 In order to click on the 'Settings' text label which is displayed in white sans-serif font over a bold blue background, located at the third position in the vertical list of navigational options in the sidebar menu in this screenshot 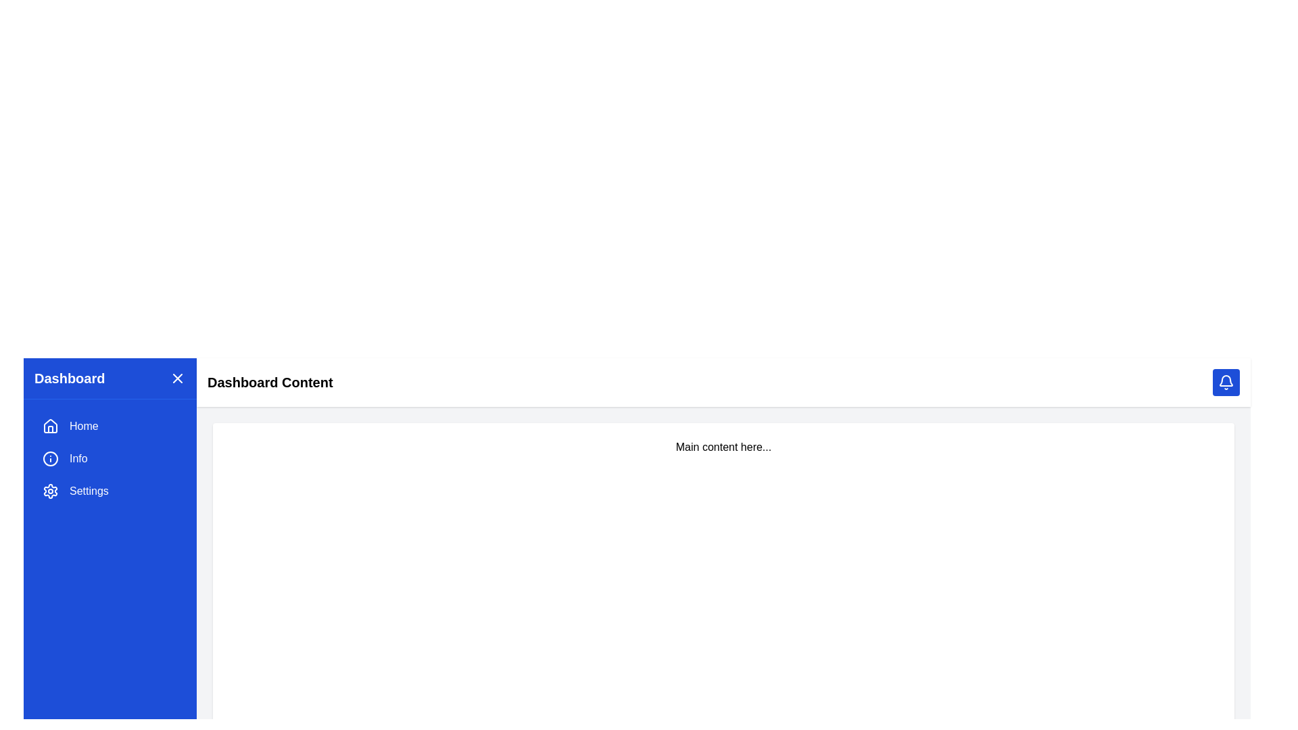, I will do `click(88, 491)`.